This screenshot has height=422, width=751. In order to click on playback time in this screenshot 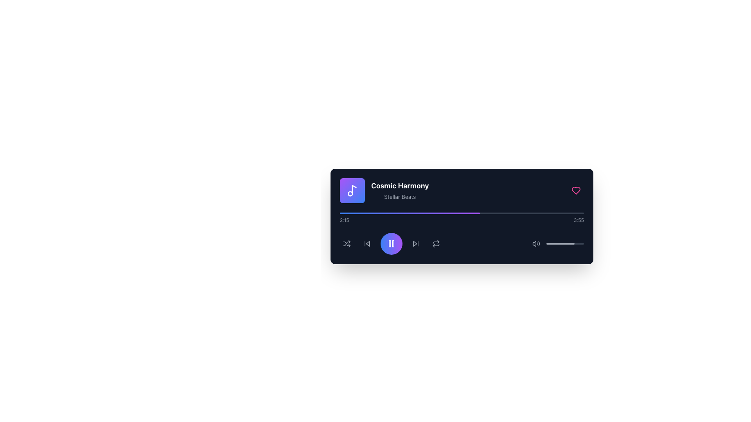, I will do `click(555, 213)`.